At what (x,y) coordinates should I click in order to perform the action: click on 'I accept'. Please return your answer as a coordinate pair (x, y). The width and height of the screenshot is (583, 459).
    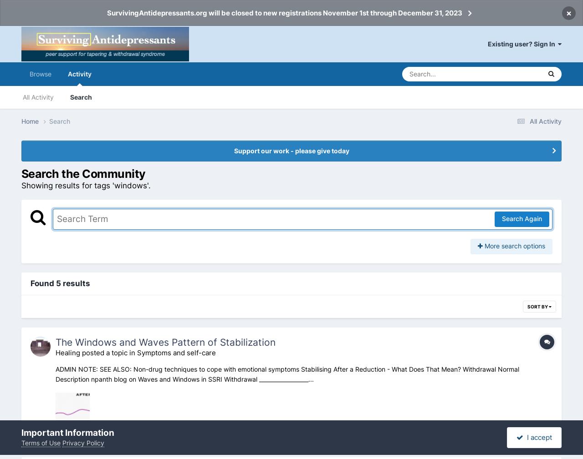
    Looking at the image, I should click on (537, 437).